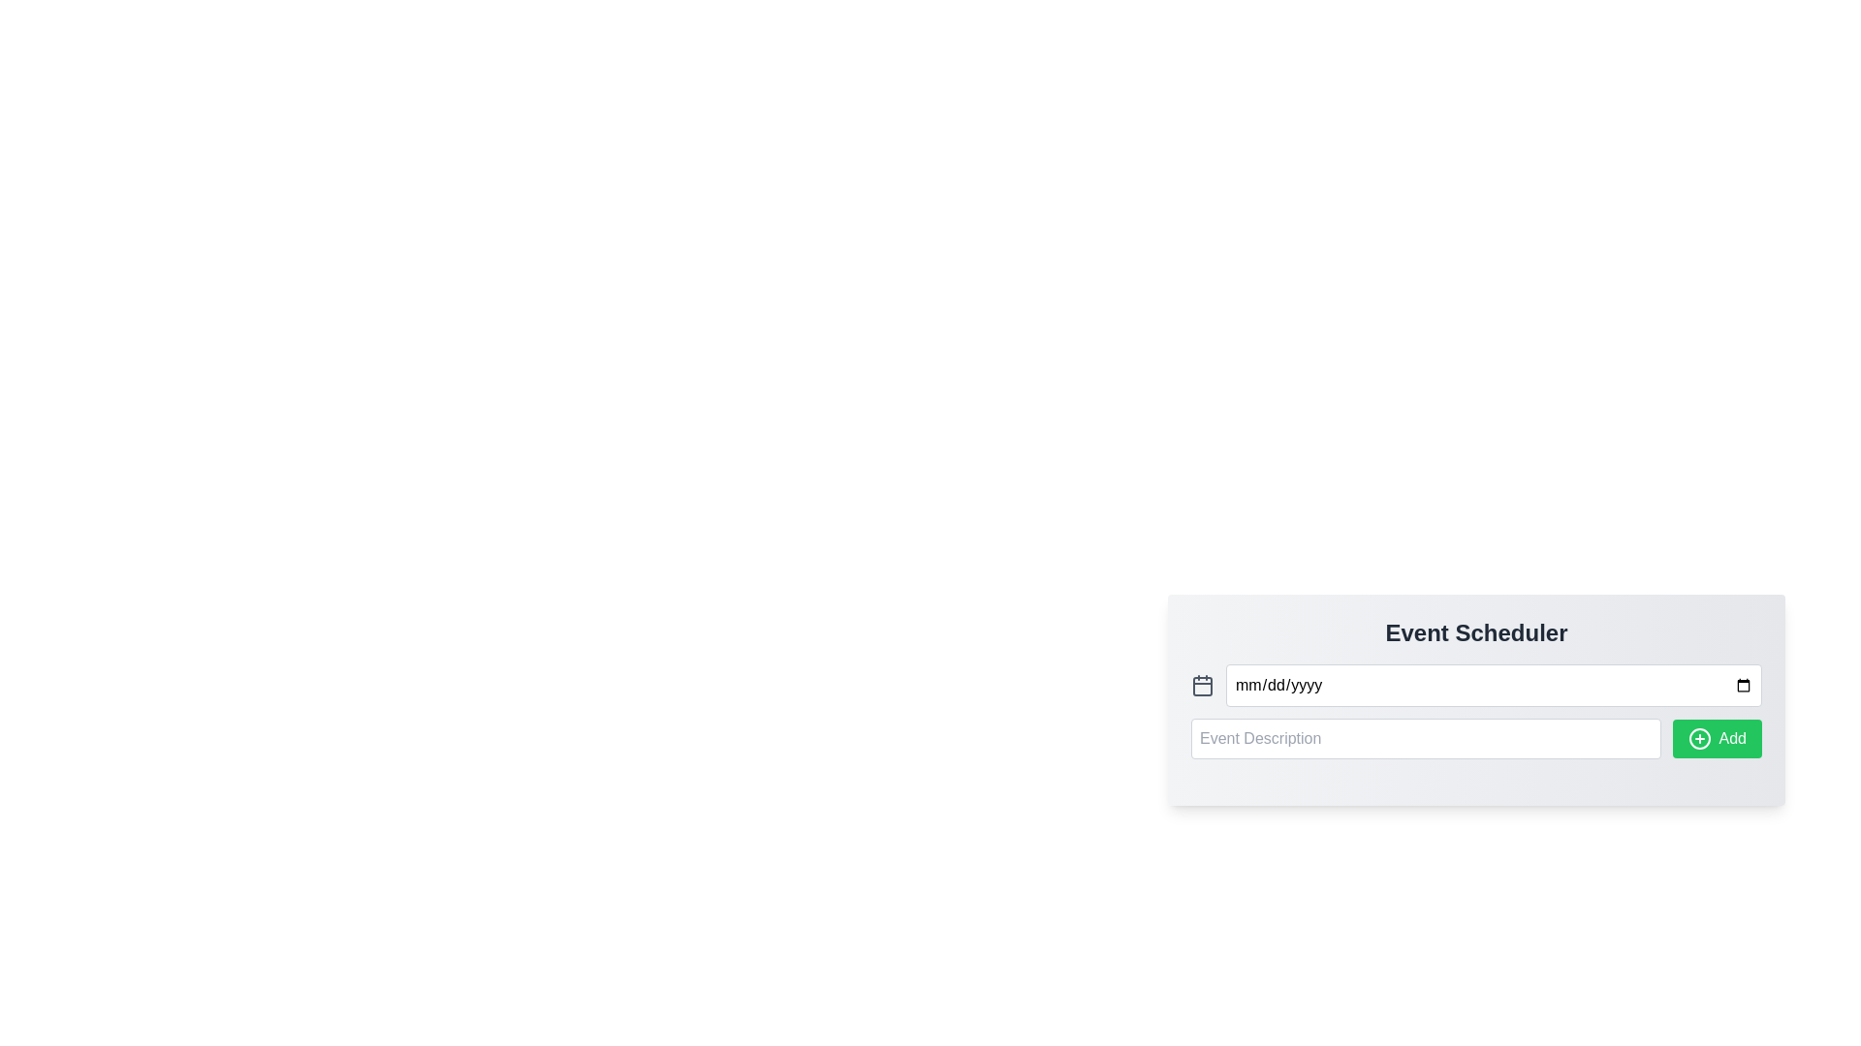  I want to click on the circular icon with a green background and a white plus sign inside, located within the 'Add' button on the right side of the 'Event Scheduler' module, so click(1698, 739).